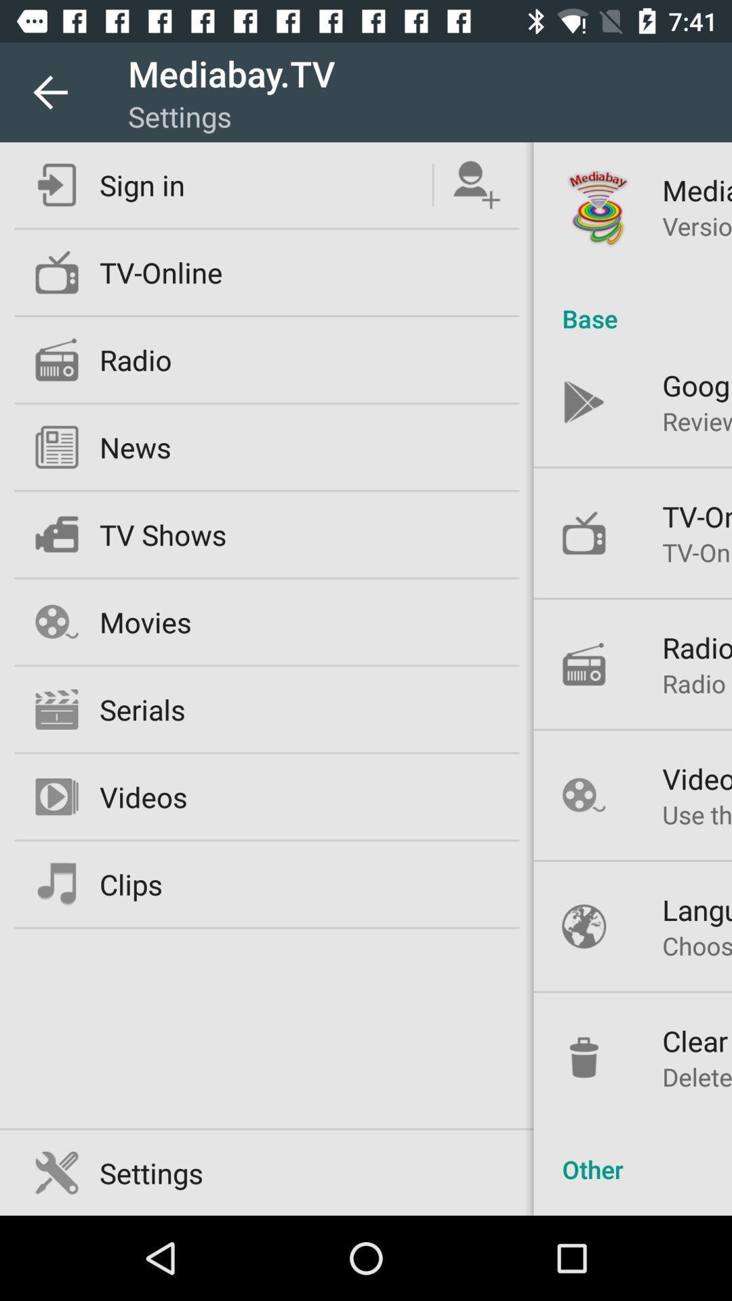  What do you see at coordinates (697, 420) in the screenshot?
I see `review this app icon` at bounding box center [697, 420].